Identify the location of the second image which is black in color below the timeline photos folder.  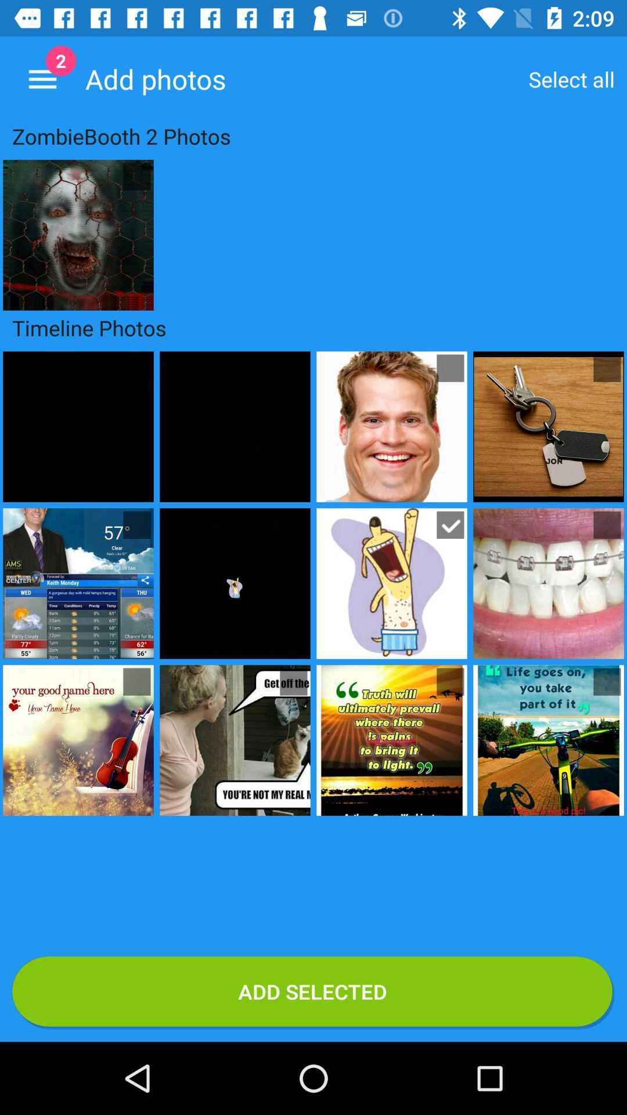
(235, 426).